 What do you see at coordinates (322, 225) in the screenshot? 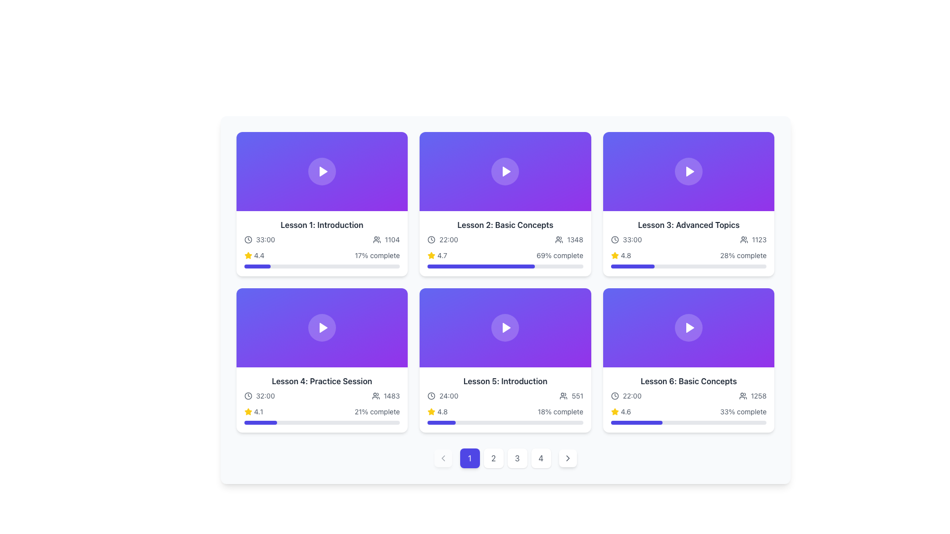
I see `the text header that identifies 'Lesson 1', which is the first text element in the grid layout, located directly under the lesson preview thumbnail` at bounding box center [322, 225].